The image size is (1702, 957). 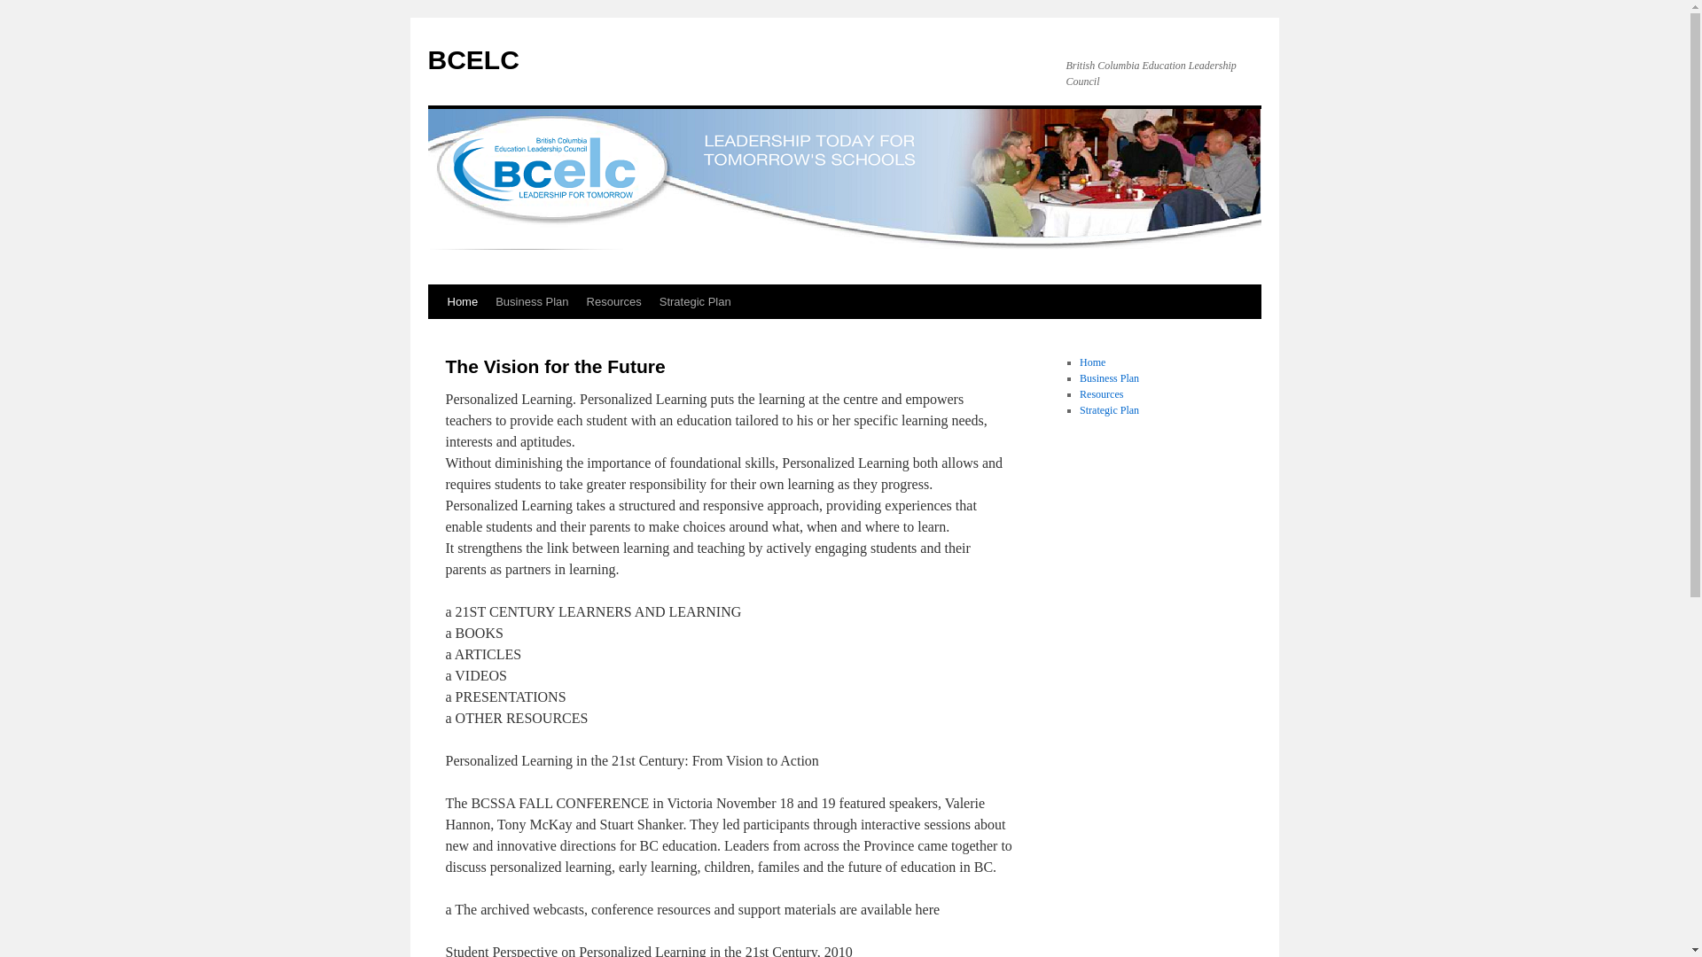 I want to click on 'Home', so click(x=1091, y=361).